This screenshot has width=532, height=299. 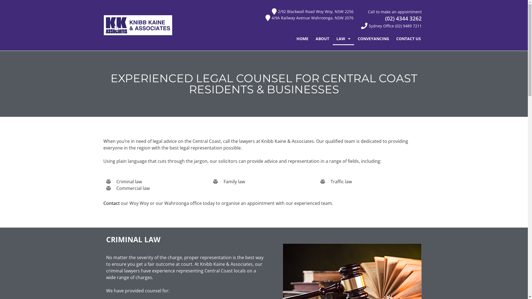 What do you see at coordinates (408, 38) in the screenshot?
I see `'CONTACT US'` at bounding box center [408, 38].